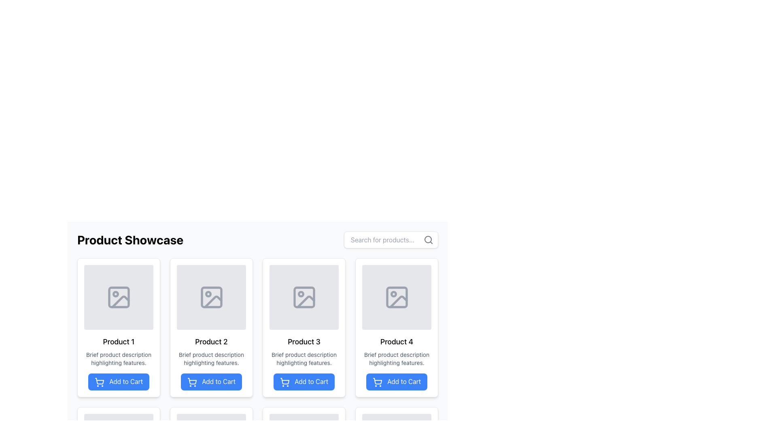 The height and width of the screenshot is (437, 777). Describe the element at coordinates (397, 327) in the screenshot. I see `the blue 'Add to Cart' button located at the bottom of the Product Card in the first row and fourth column of the grid layout` at that location.